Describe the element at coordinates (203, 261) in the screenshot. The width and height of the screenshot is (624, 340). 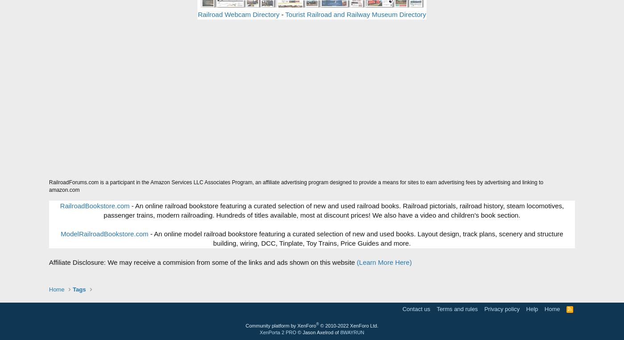
I see `'Affiliate Disclosure: We may receive a commision from some of the links and ads shown on this website'` at that location.